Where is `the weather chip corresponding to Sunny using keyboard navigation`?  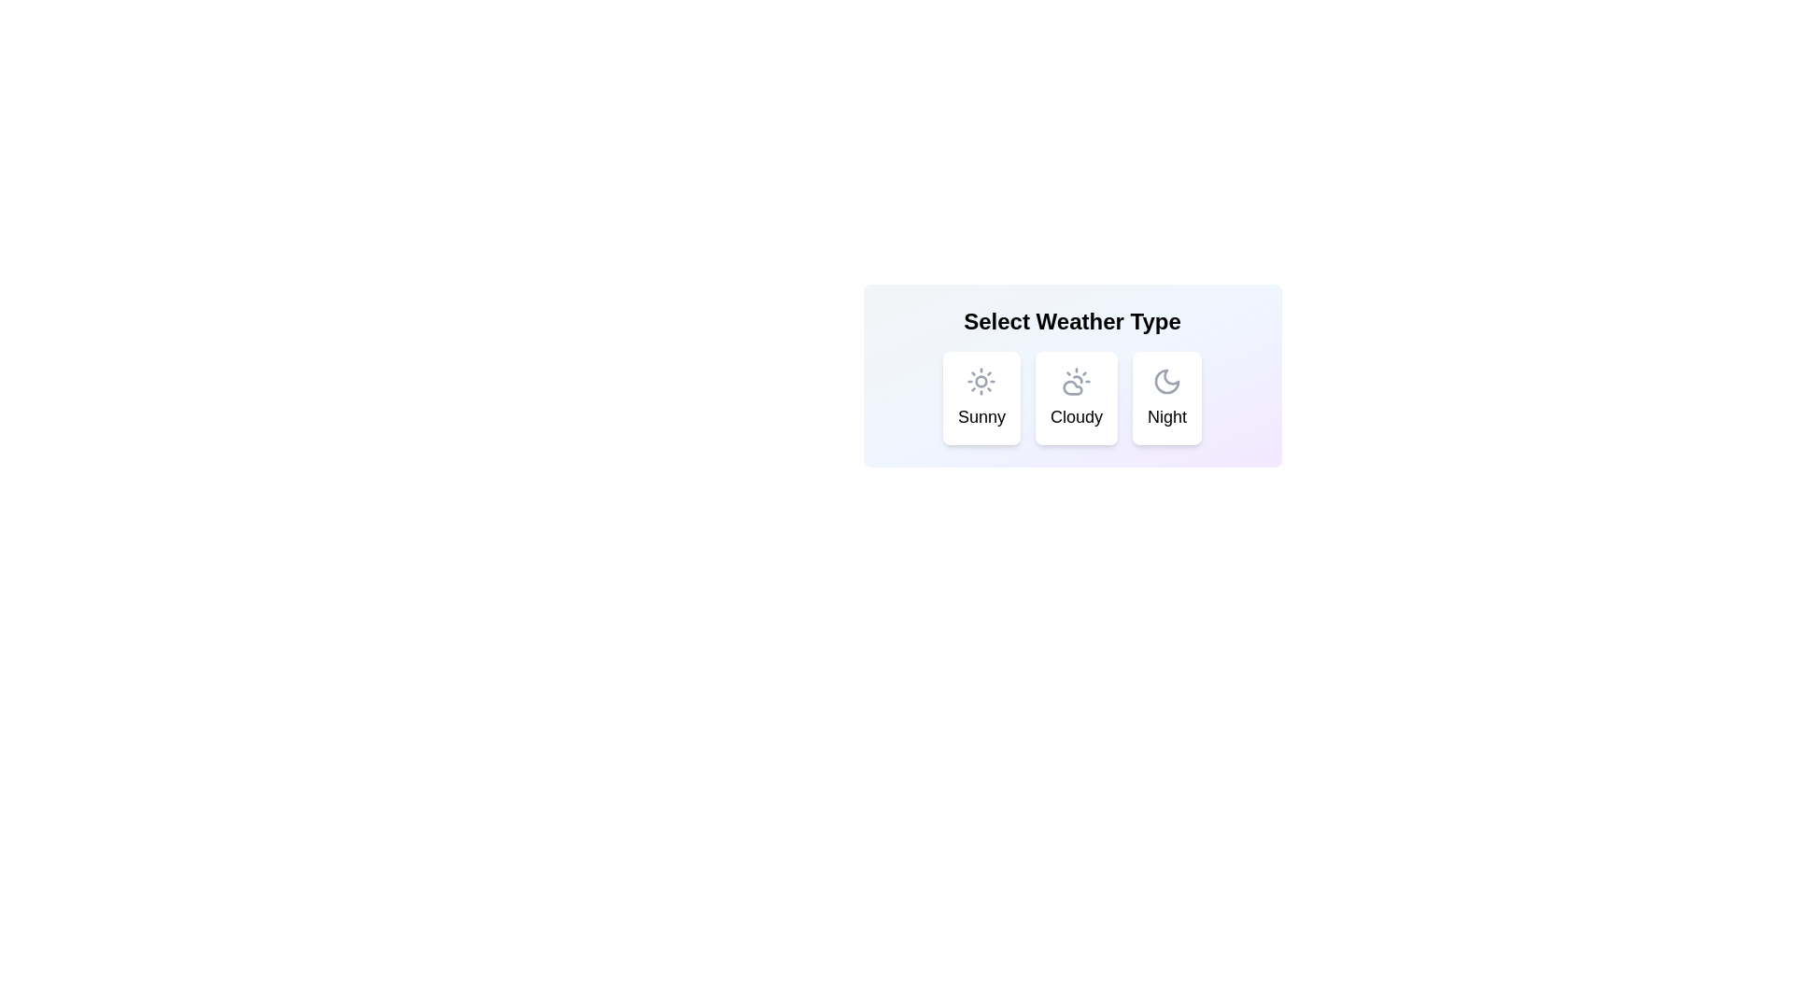 the weather chip corresponding to Sunny using keyboard navigation is located at coordinates (981, 398).